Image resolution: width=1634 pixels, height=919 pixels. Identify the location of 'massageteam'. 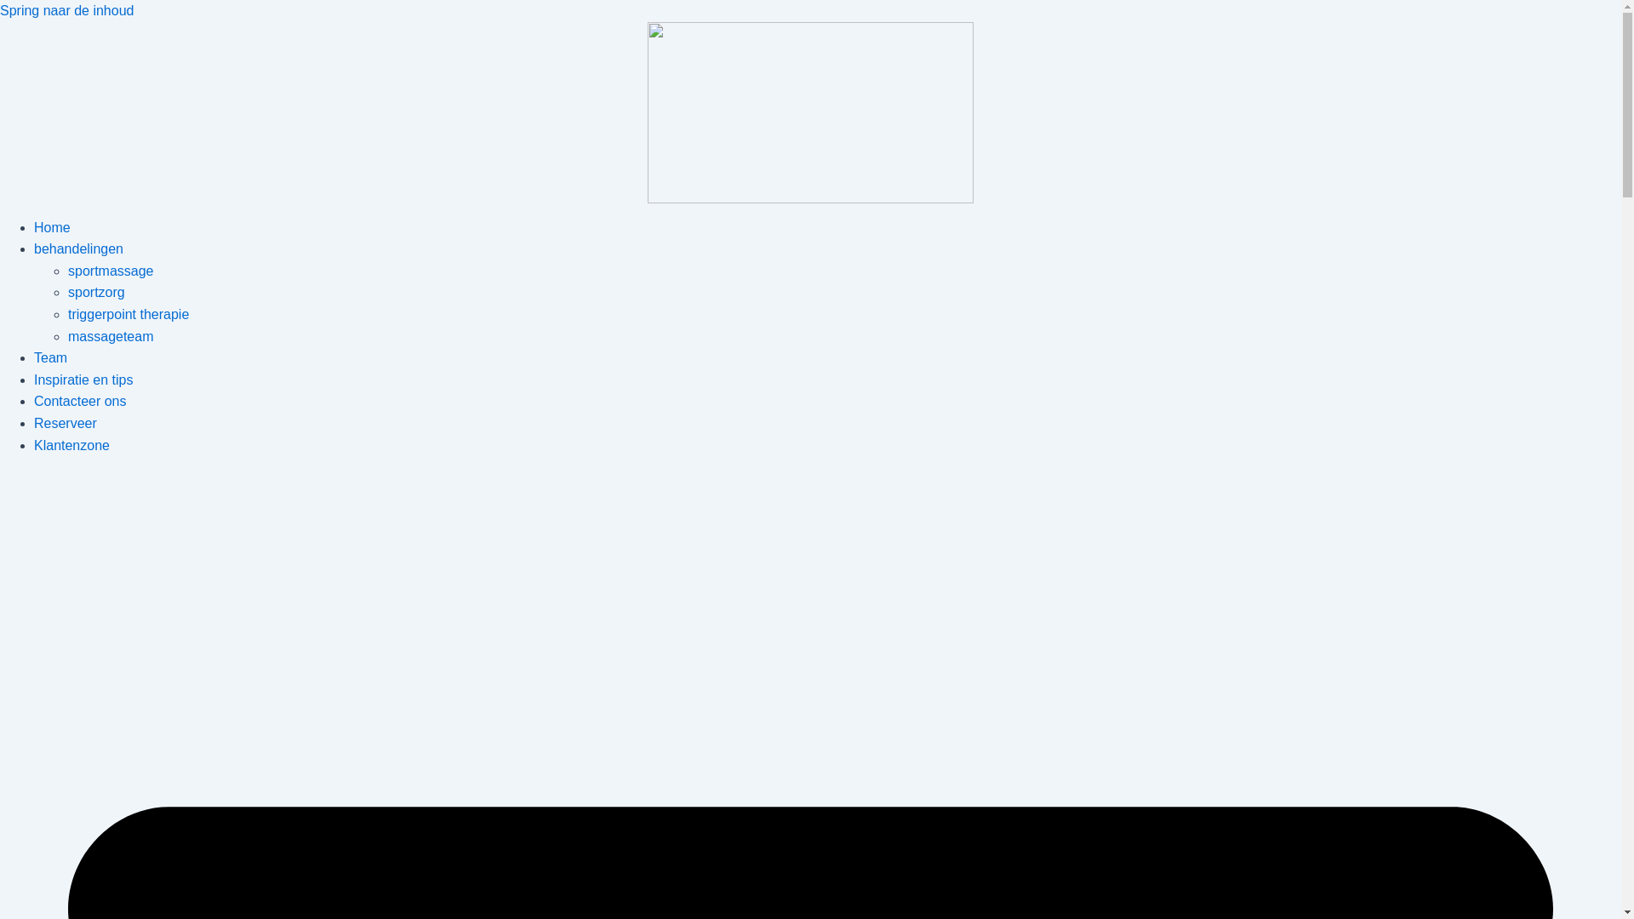
(110, 336).